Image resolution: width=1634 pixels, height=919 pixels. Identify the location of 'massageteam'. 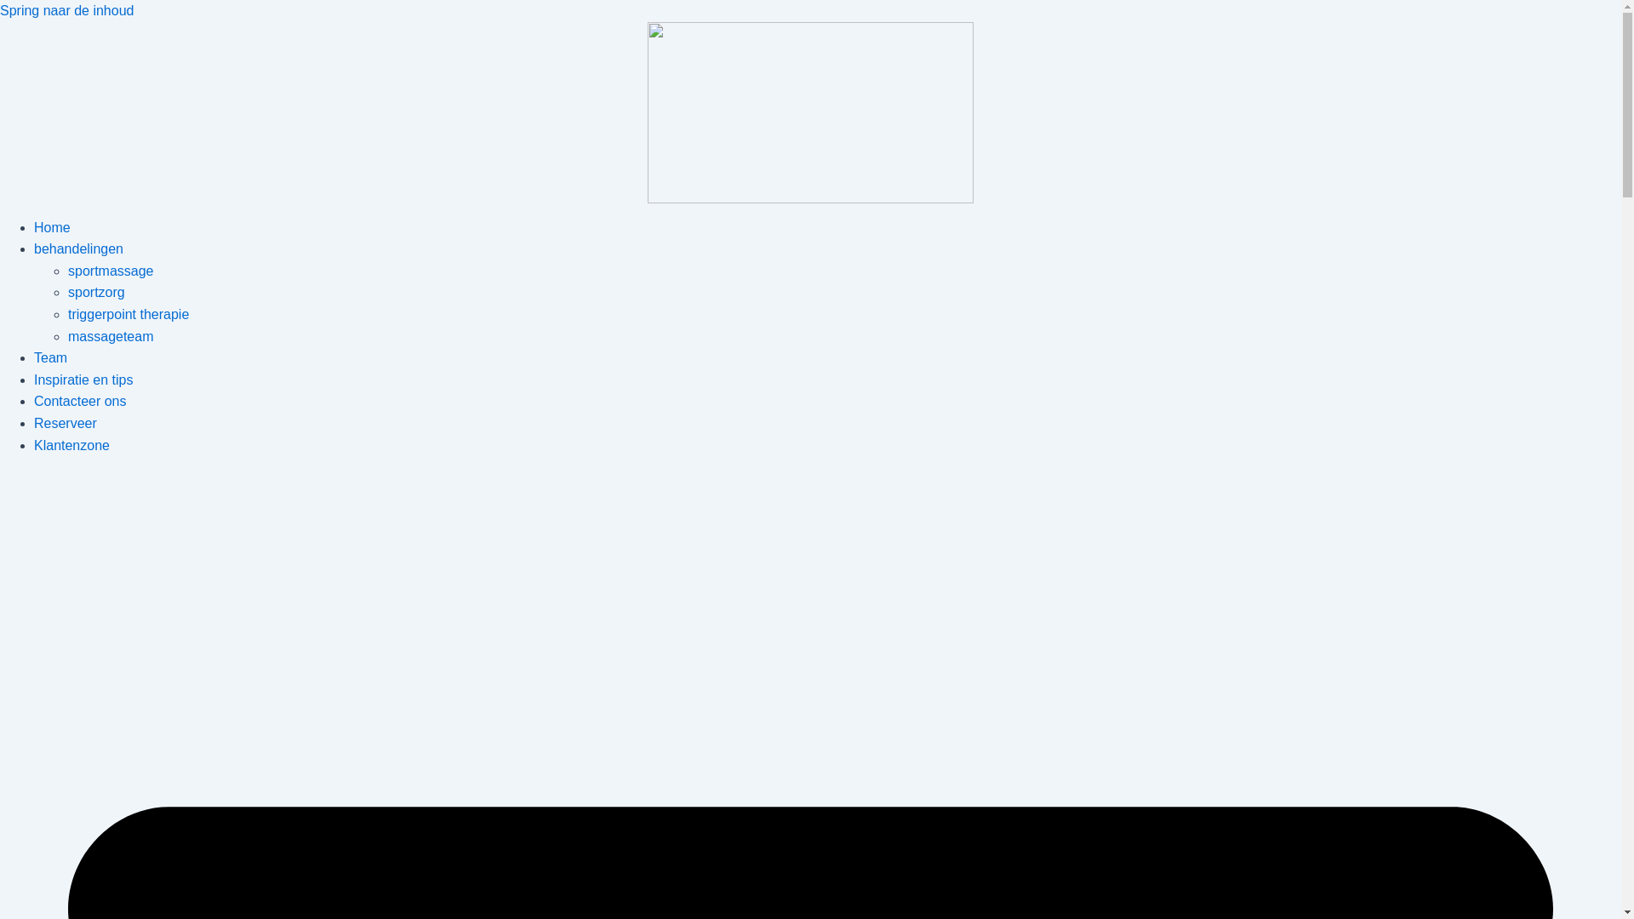
(110, 336).